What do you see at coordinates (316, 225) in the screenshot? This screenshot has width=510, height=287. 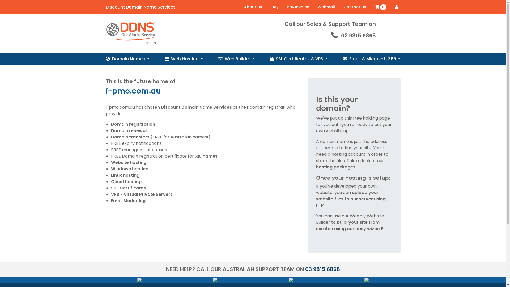 I see `'build your site from scratch using our easy wizard'` at bounding box center [316, 225].